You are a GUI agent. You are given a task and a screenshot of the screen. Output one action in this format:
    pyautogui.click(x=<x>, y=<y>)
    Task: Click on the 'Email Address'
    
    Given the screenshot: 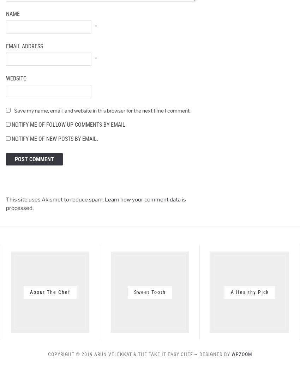 What is the action you would take?
    pyautogui.click(x=24, y=46)
    